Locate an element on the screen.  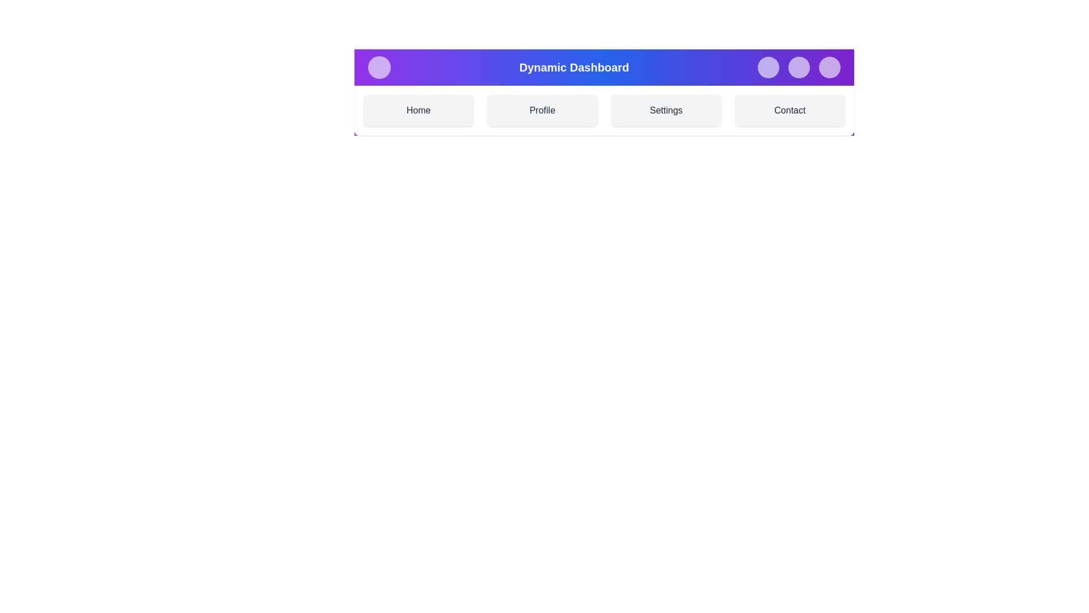
the 'Profile' section to view its content is located at coordinates (541, 111).